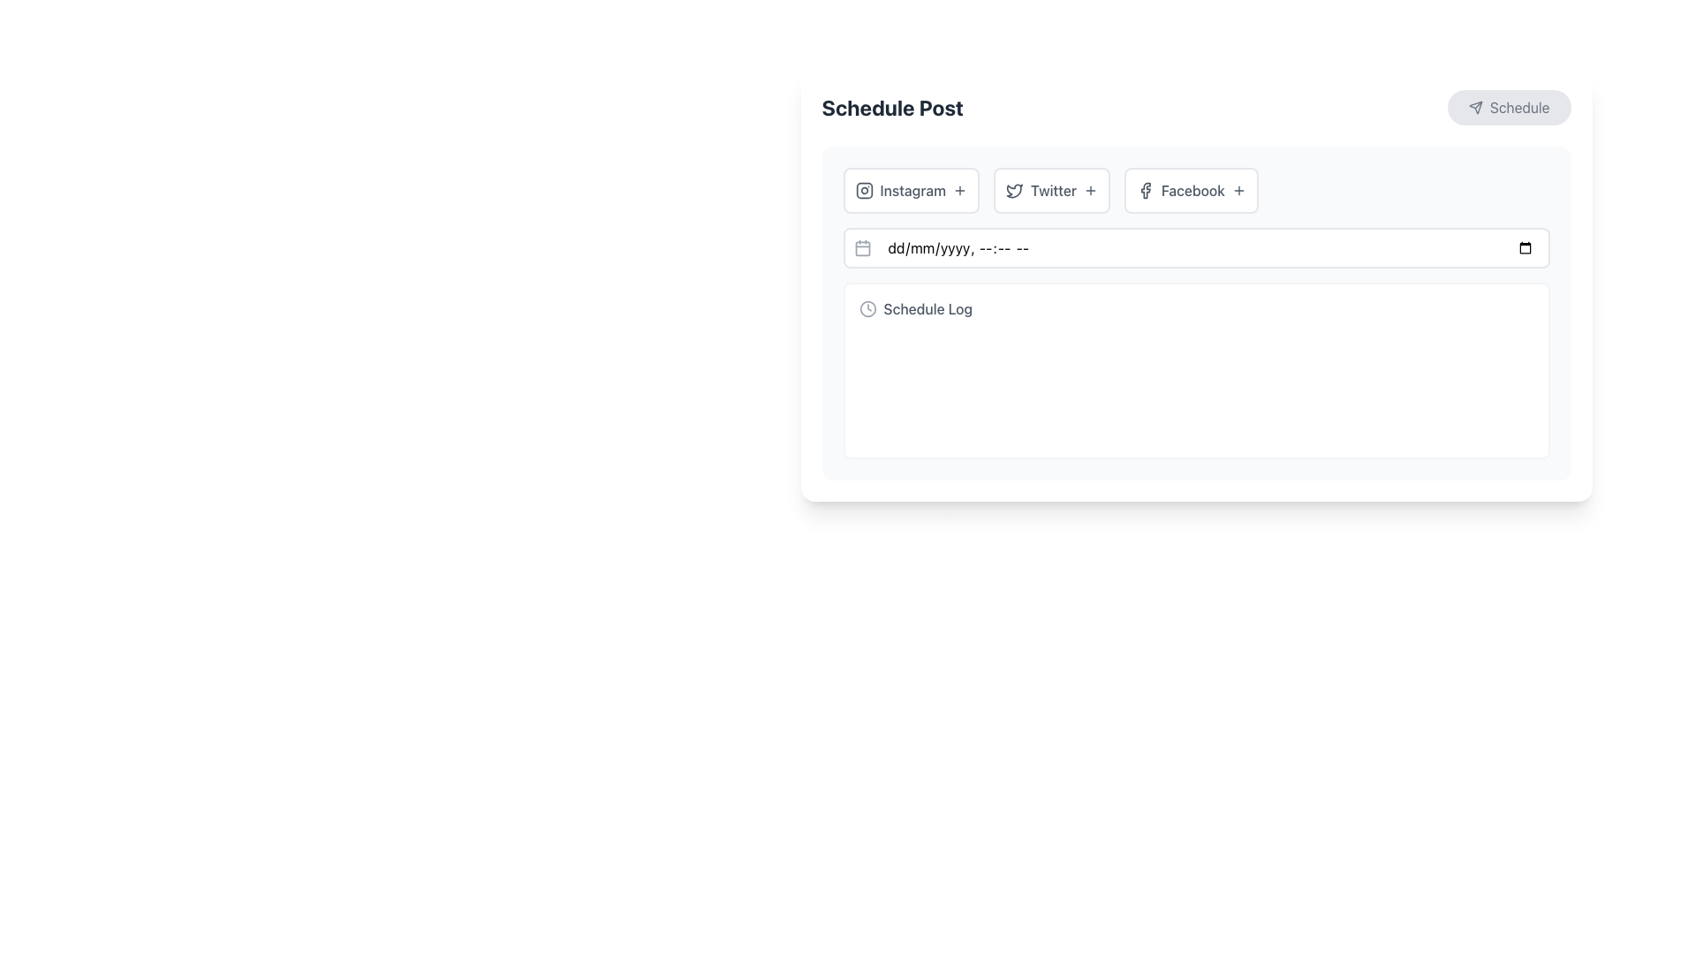 This screenshot has height=954, width=1696. Describe the element at coordinates (1089, 191) in the screenshot. I see `the 'Twitter' button which contains the action indicator icon located on its rightmost side` at that location.